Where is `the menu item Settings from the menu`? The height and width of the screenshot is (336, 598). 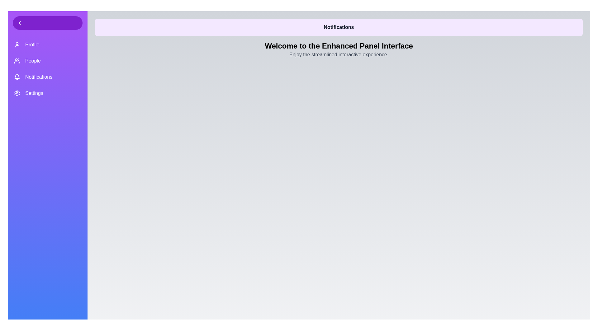
the menu item Settings from the menu is located at coordinates (47, 93).